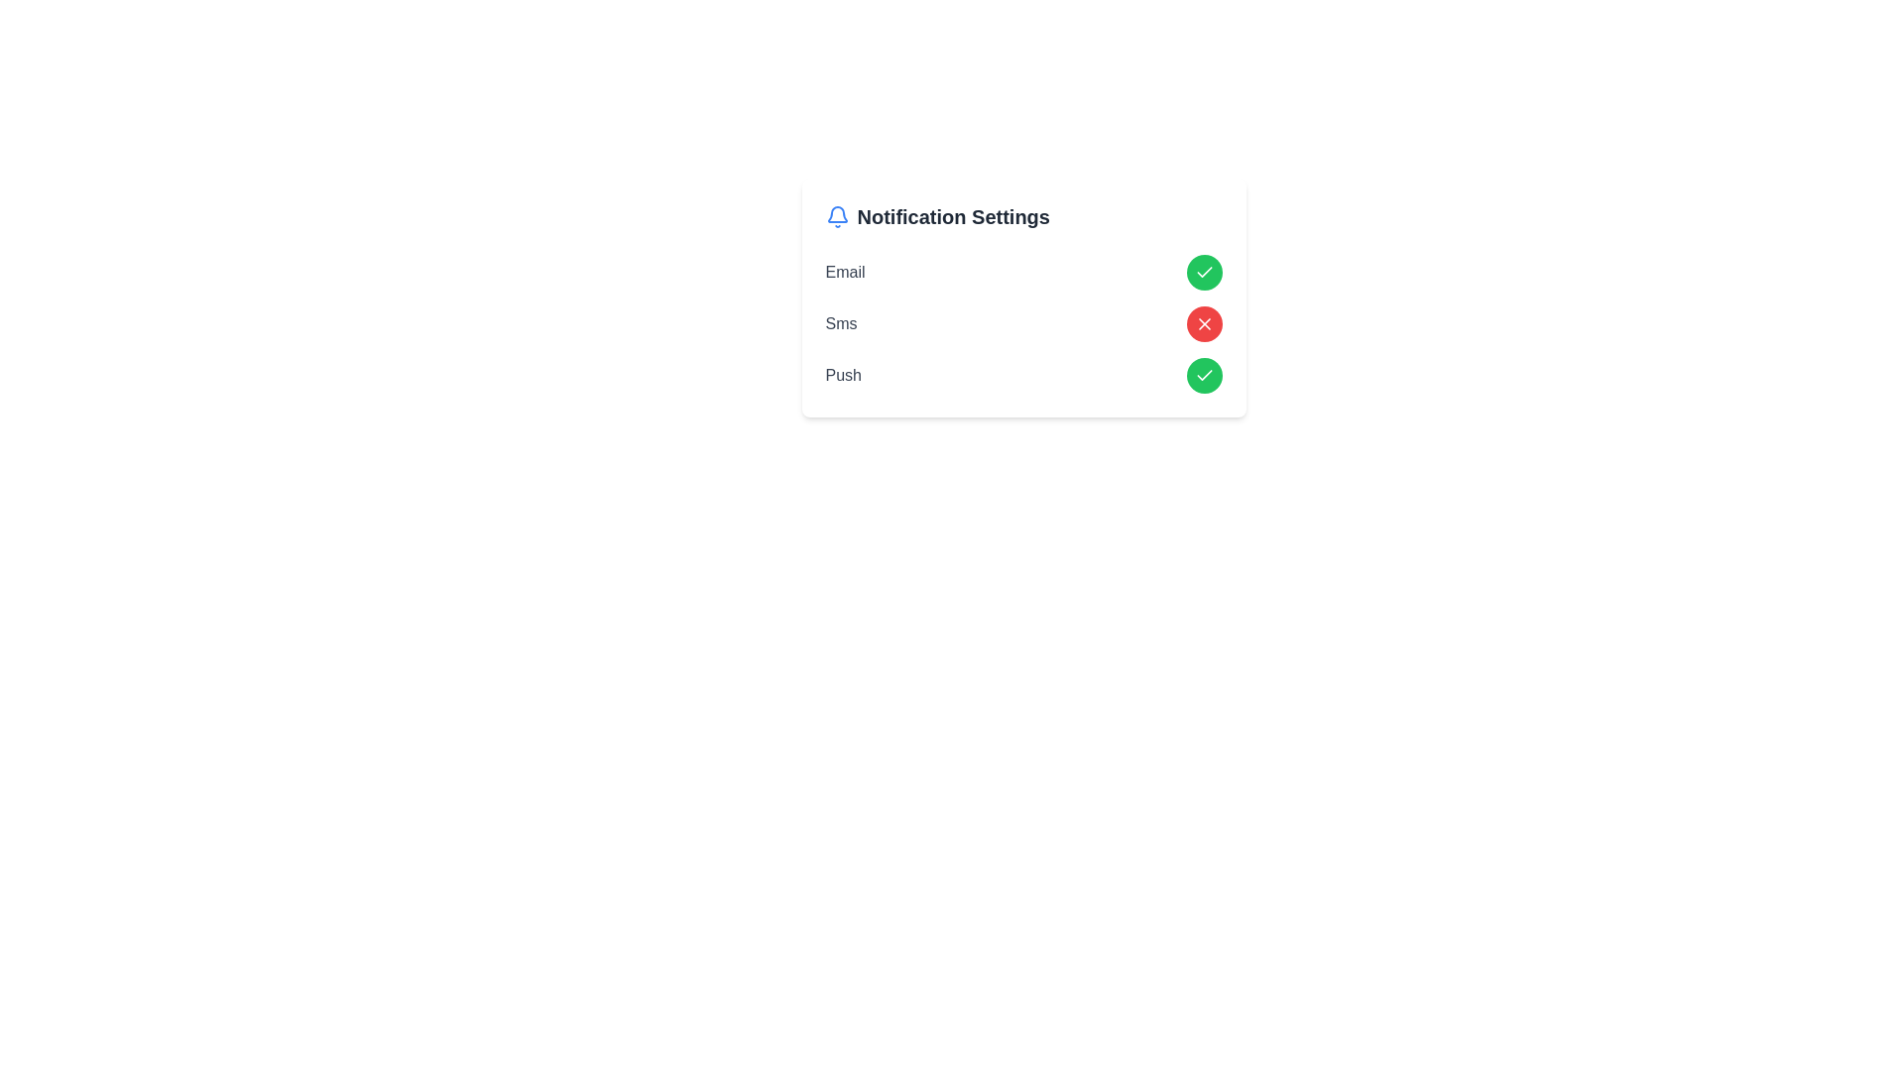 The width and height of the screenshot is (1904, 1071). Describe the element at coordinates (1023, 272) in the screenshot. I see `the green circular button in the topmost list item of the notification settings panel to confirm email notifications` at that location.